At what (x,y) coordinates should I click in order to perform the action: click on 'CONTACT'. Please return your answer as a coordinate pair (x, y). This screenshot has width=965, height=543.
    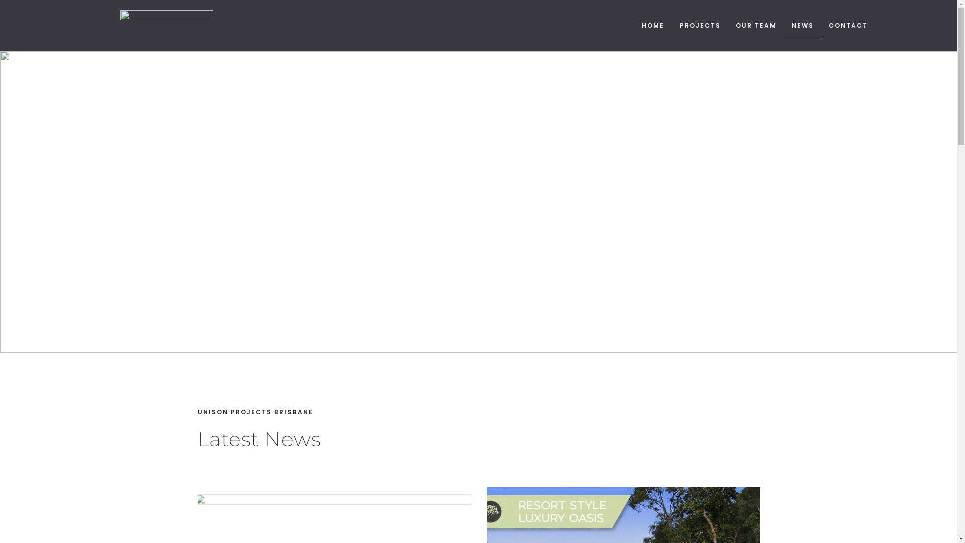
    Looking at the image, I should click on (848, 25).